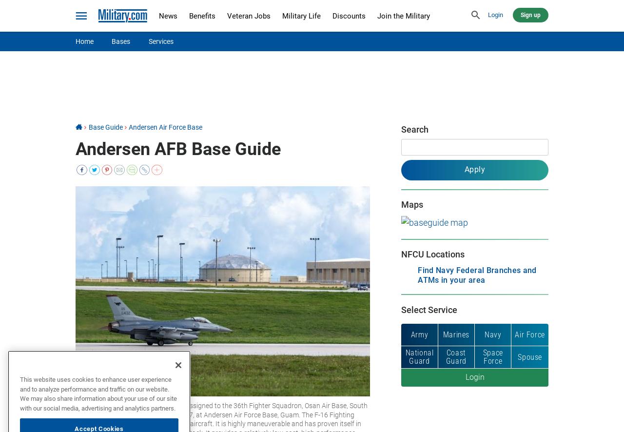 The width and height of the screenshot is (624, 432). Describe the element at coordinates (281, 16) in the screenshot. I see `'Military Life'` at that location.